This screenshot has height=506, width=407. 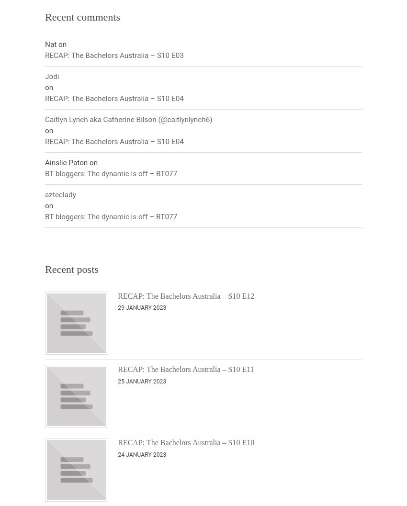 I want to click on 'RECAP: The Bachelors Australia – S10 E10', so click(x=186, y=442).